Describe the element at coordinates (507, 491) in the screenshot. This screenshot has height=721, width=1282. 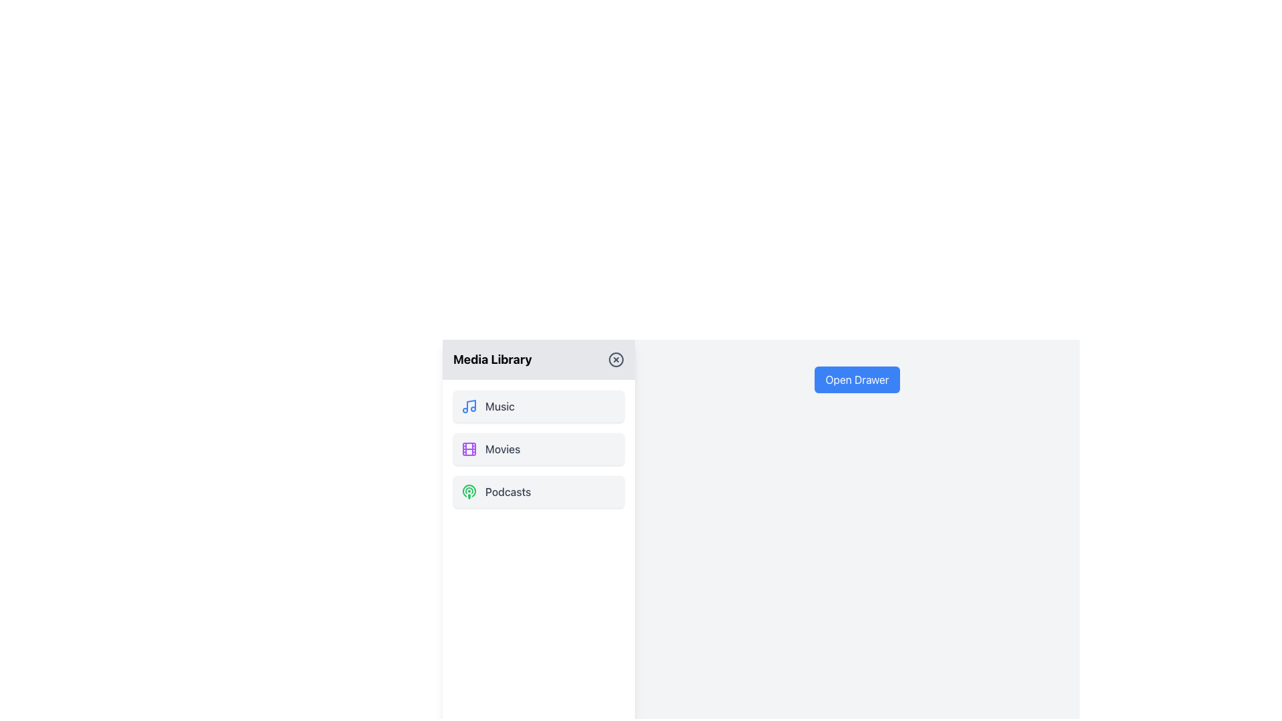
I see `the 'Podcasts' label in the left-hand sidebar menu, which is the textual content of the third group, positioned below 'Movies' and aligned to the right of a green podcast icon` at that location.